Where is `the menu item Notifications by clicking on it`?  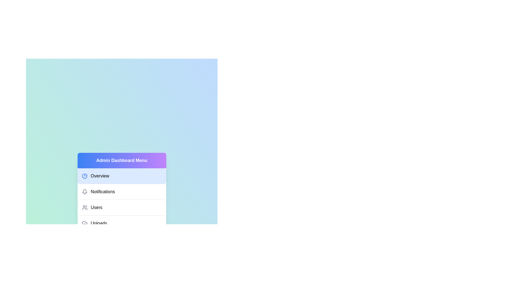
the menu item Notifications by clicking on it is located at coordinates (121, 191).